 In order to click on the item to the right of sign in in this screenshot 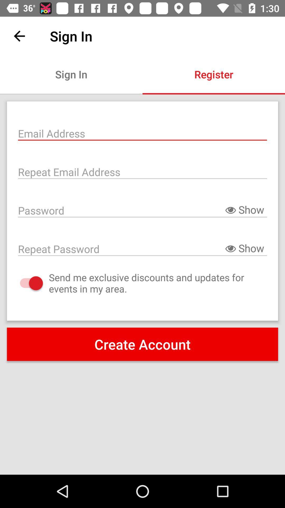, I will do `click(214, 74)`.